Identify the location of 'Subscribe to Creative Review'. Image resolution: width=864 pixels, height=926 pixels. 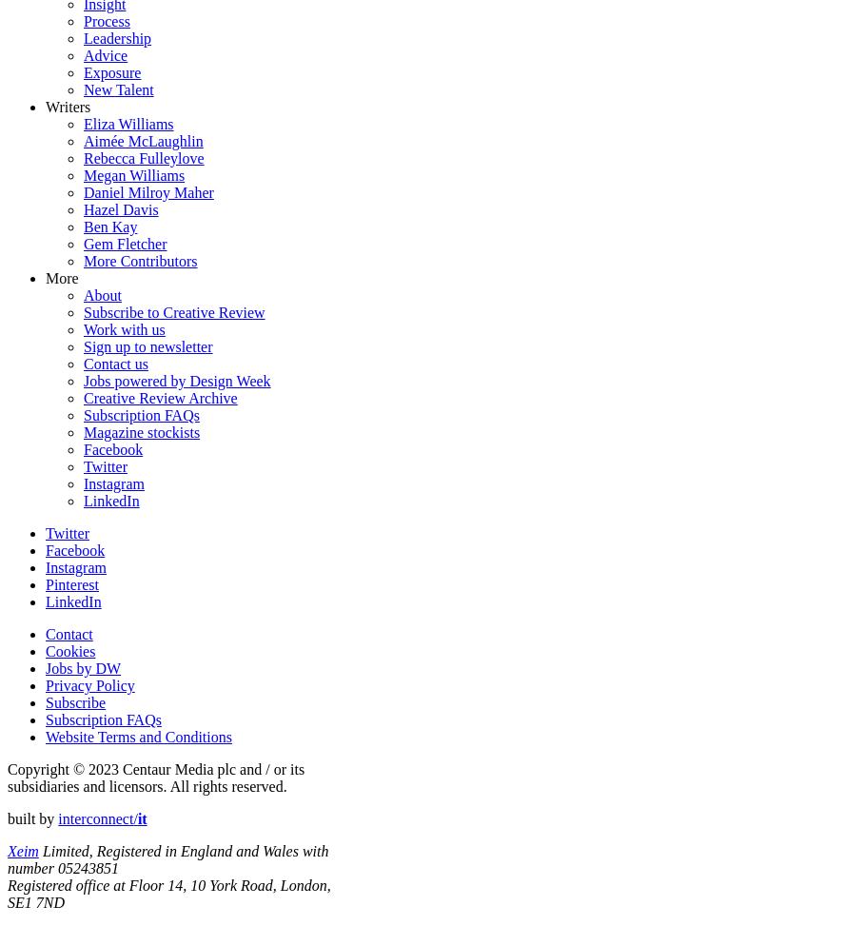
(172, 311).